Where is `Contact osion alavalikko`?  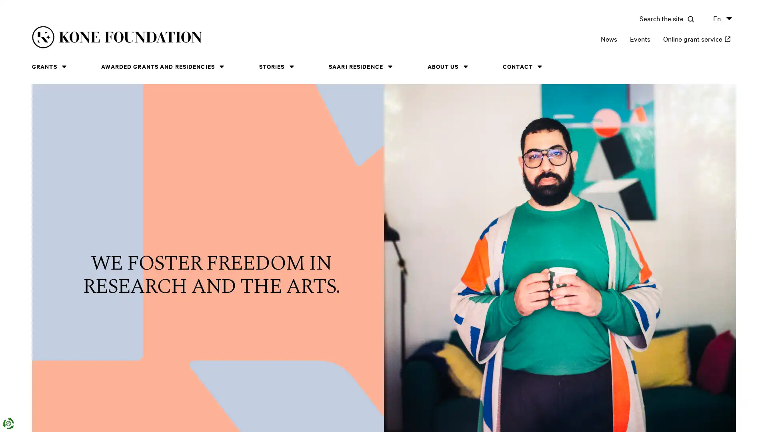
Contact osion alavalikko is located at coordinates (539, 66).